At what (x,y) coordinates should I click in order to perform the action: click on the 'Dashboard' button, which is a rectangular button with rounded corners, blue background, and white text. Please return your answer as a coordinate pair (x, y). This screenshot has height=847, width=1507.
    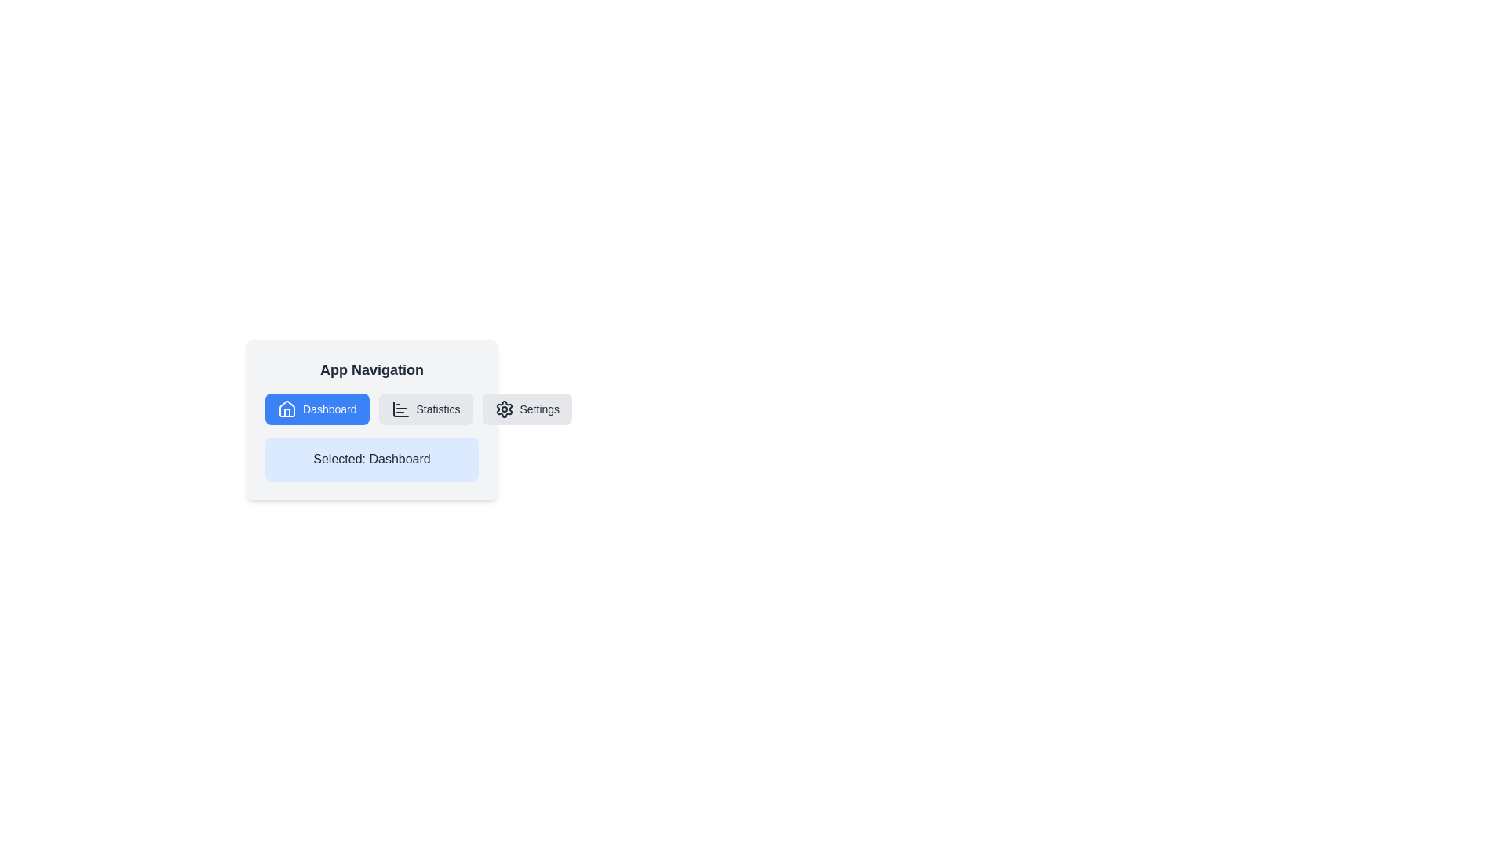
    Looking at the image, I should click on (316, 408).